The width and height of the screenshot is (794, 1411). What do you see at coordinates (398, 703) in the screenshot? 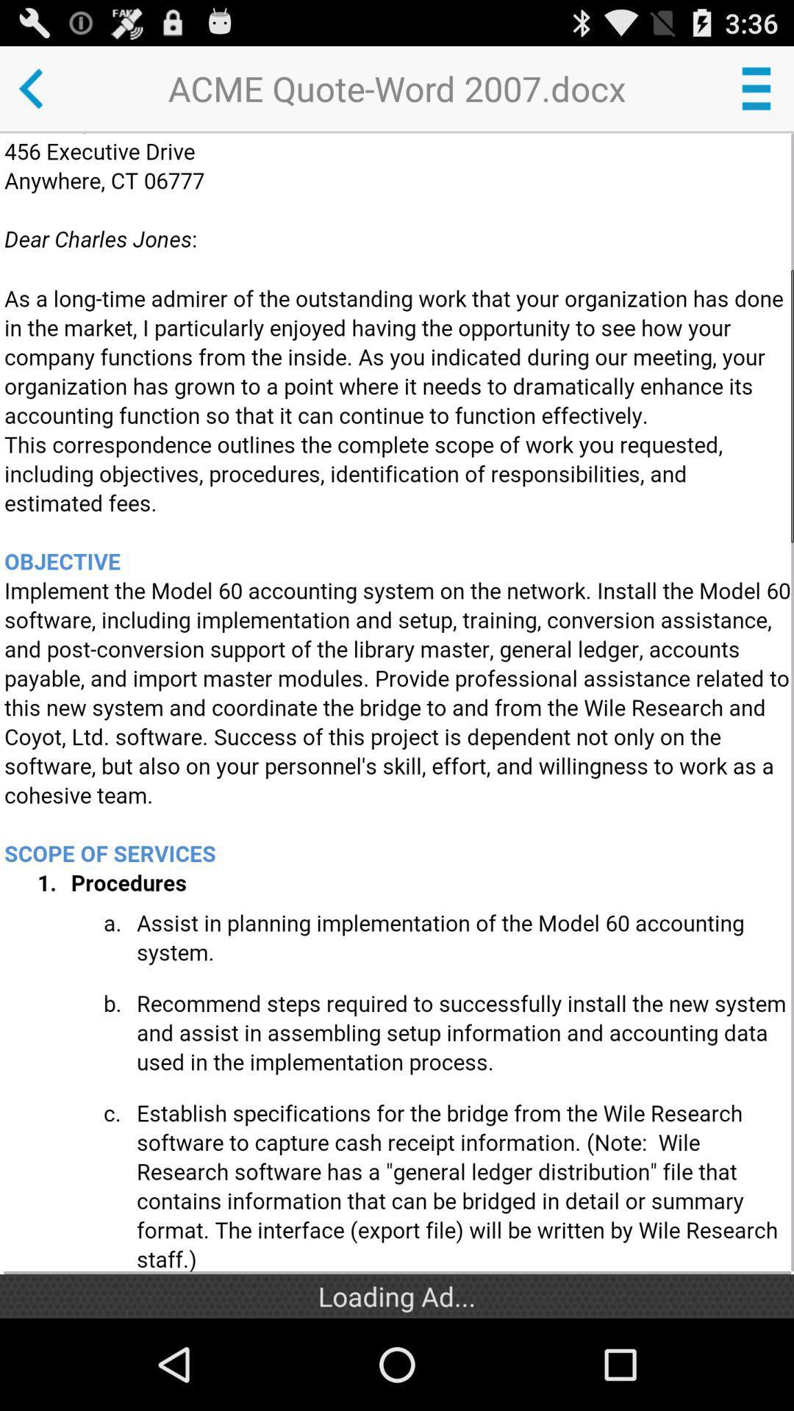
I see `the item at the center` at bounding box center [398, 703].